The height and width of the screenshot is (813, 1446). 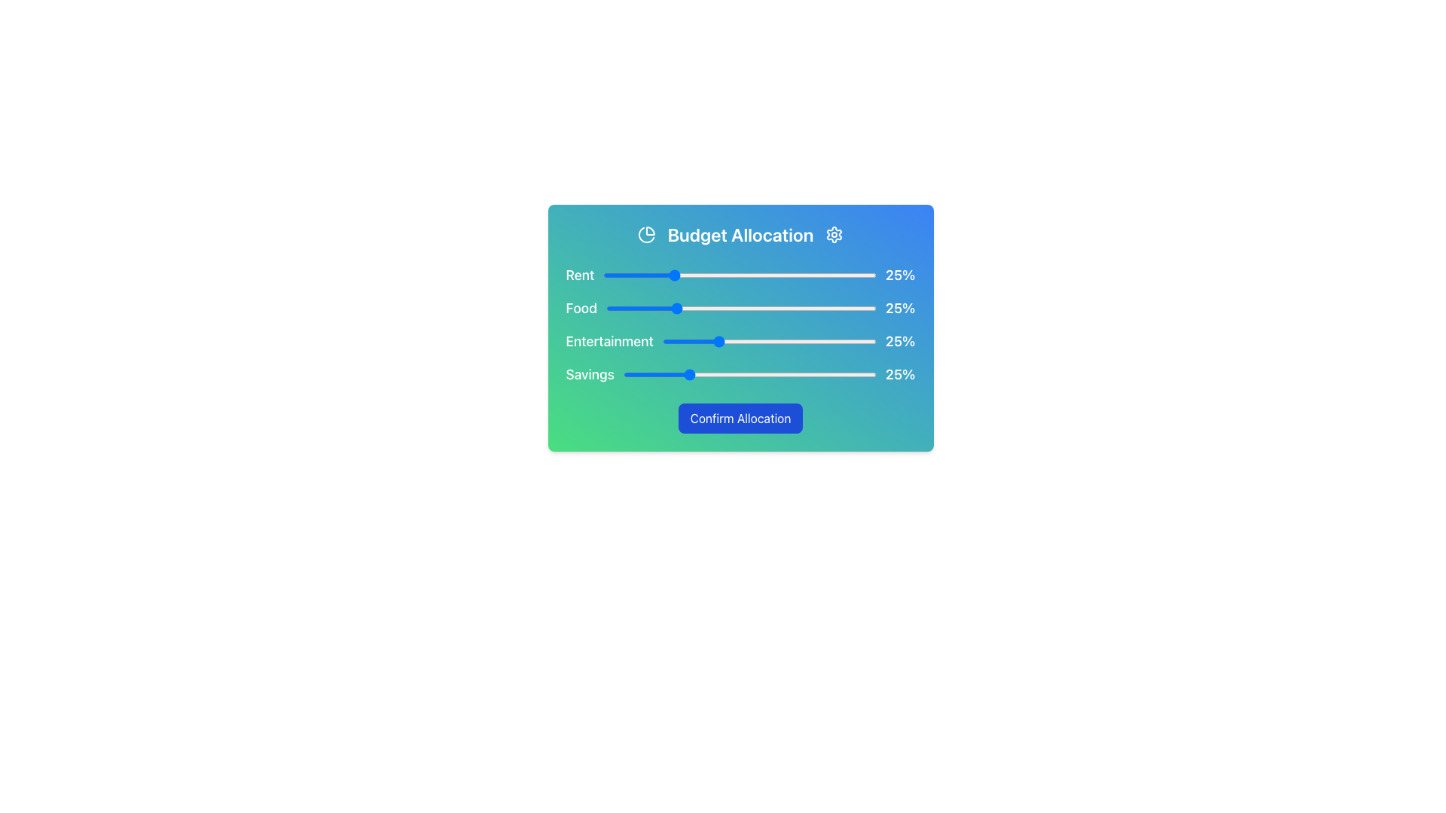 I want to click on the Entertainment budget percentage, so click(x=807, y=342).